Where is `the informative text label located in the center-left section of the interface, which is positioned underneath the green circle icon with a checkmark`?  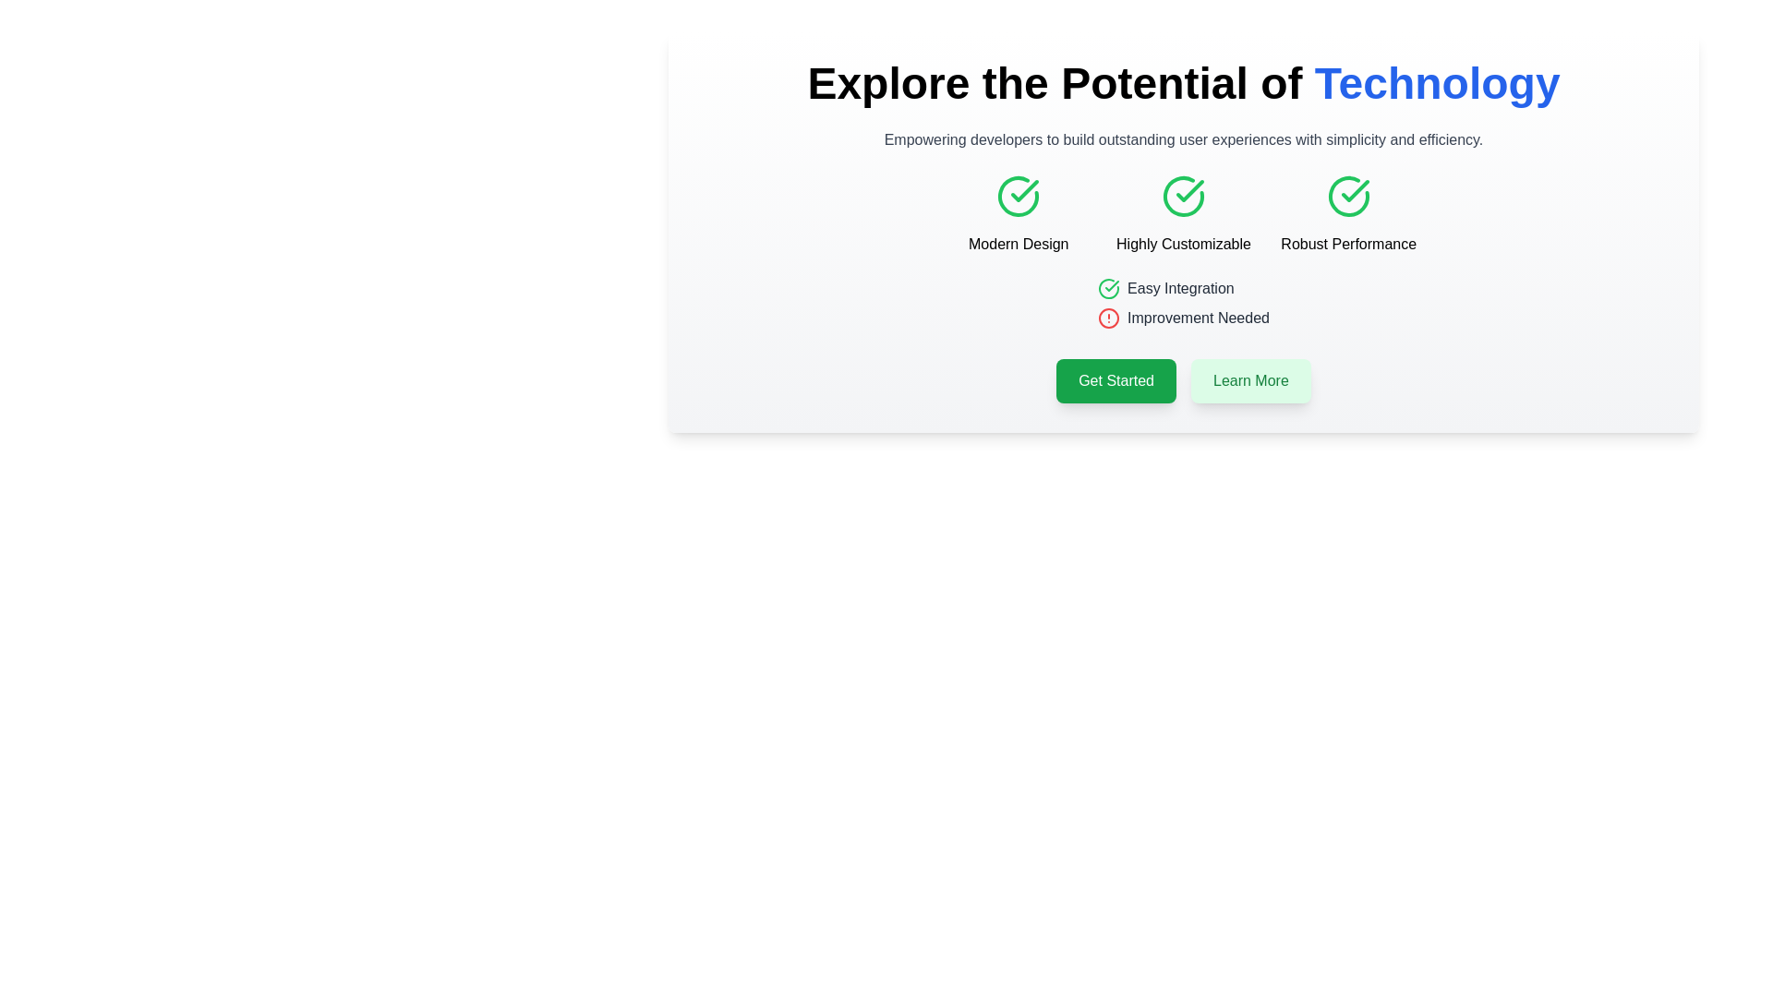 the informative text label located in the center-left section of the interface, which is positioned underneath the green circle icon with a checkmark is located at coordinates (1018, 244).